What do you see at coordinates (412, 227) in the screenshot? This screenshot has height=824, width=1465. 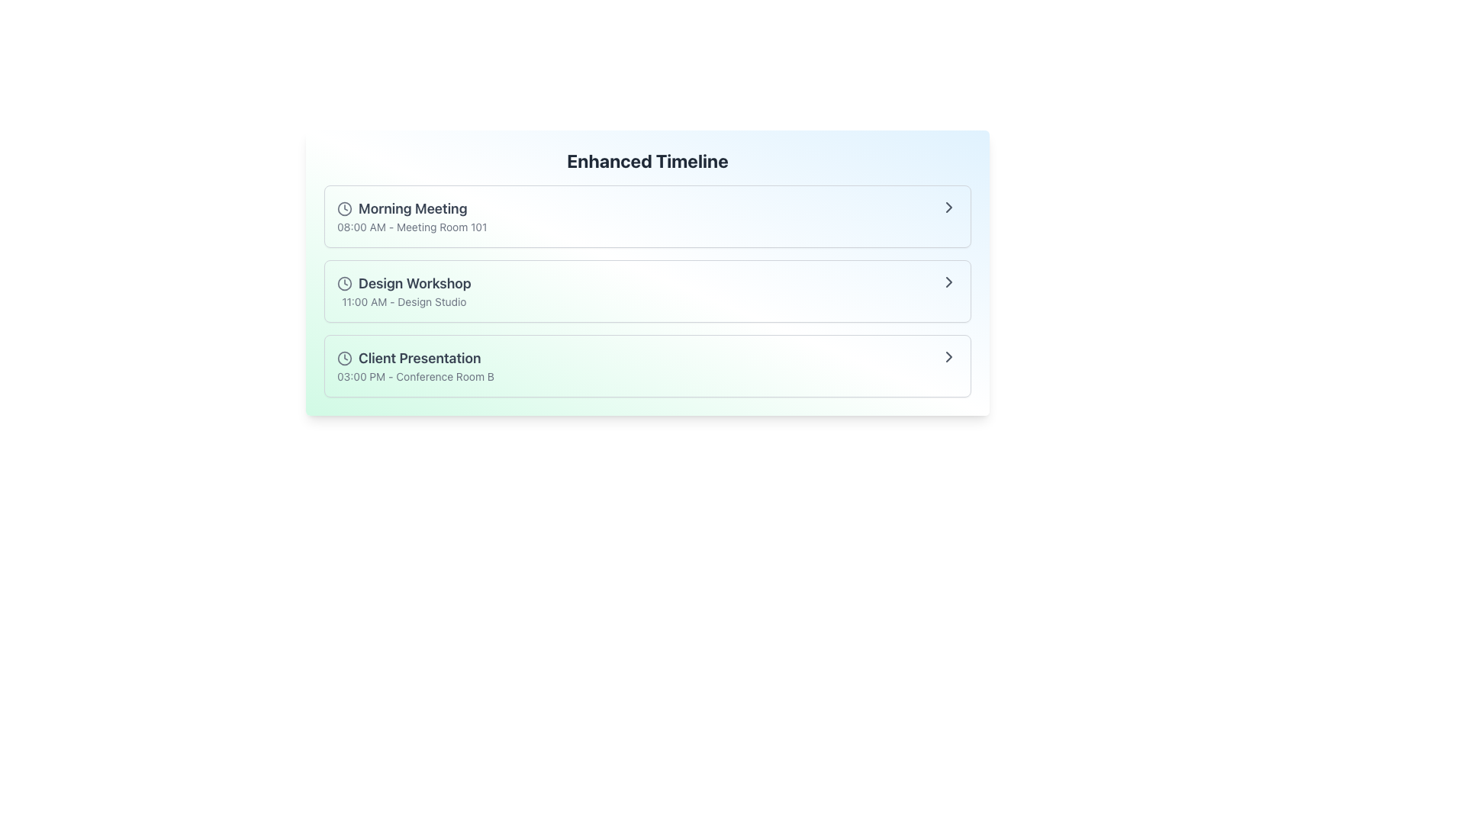 I see `the text label displaying '08:00 AM - Meeting Room 101' located directly beneath the title 'Morning Meeting'` at bounding box center [412, 227].